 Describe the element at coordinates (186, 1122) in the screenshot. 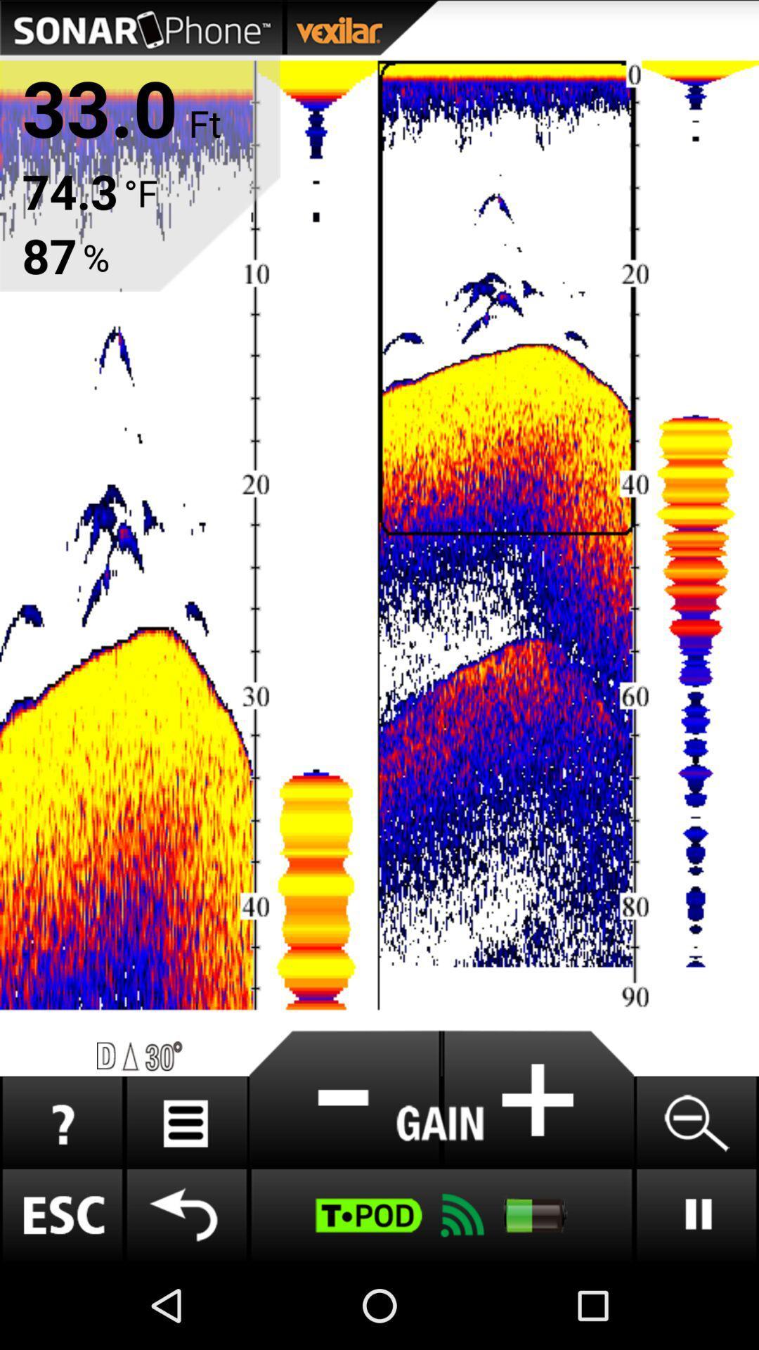

I see `shows the menu option` at that location.